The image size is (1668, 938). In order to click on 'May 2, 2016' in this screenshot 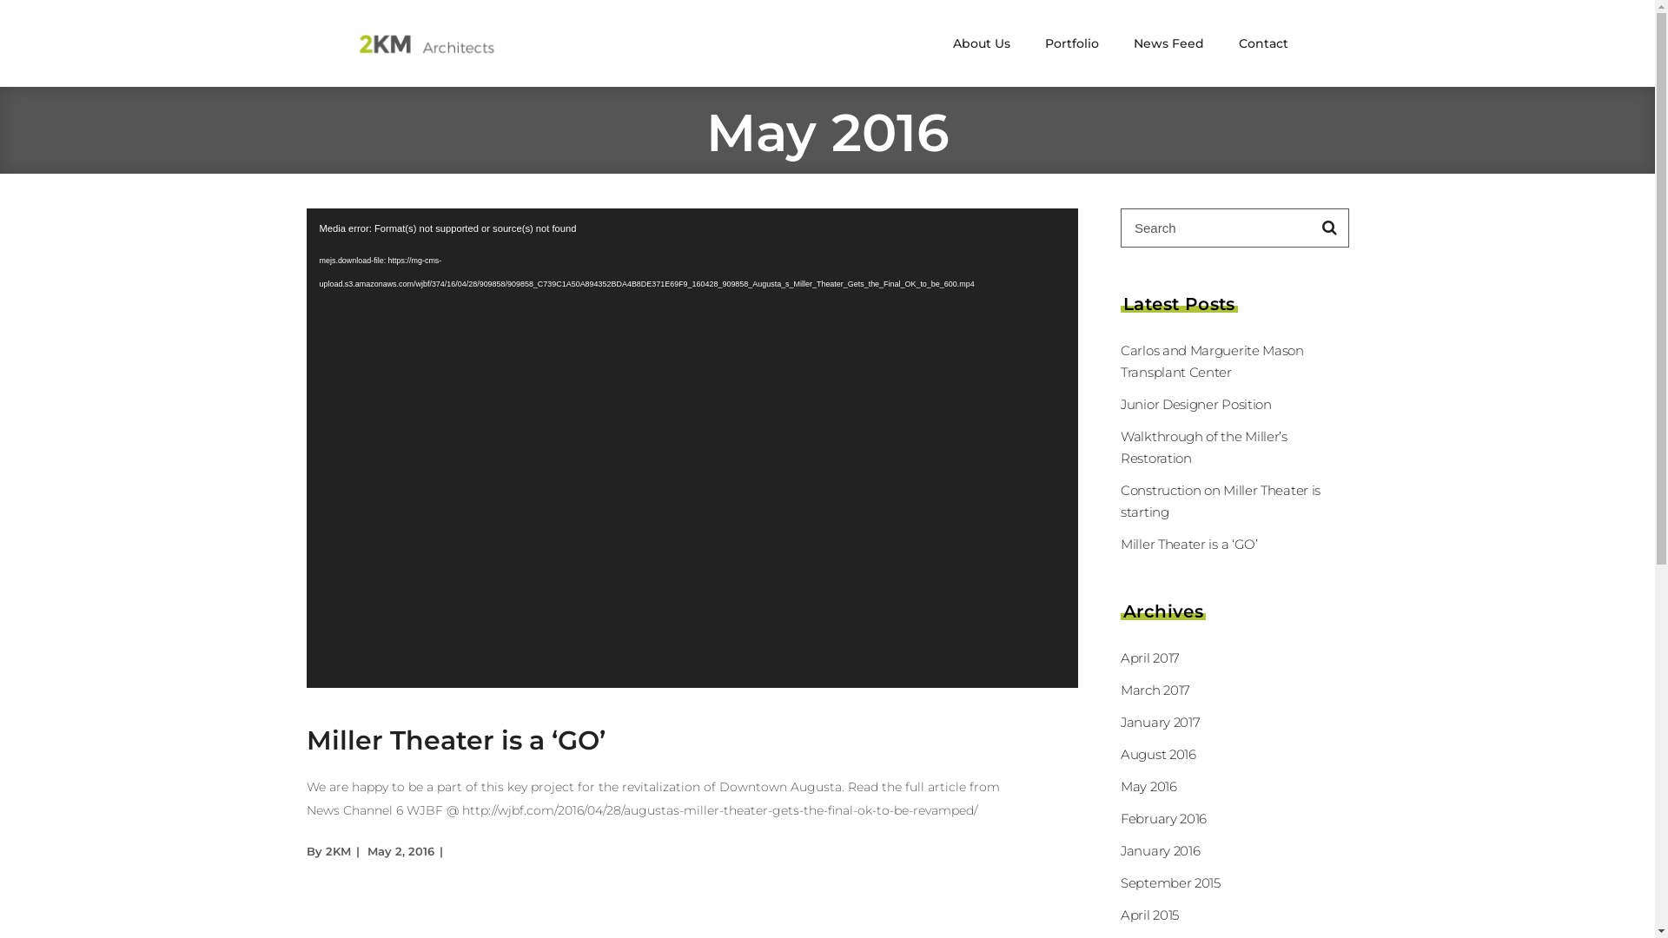, I will do `click(399, 849)`.